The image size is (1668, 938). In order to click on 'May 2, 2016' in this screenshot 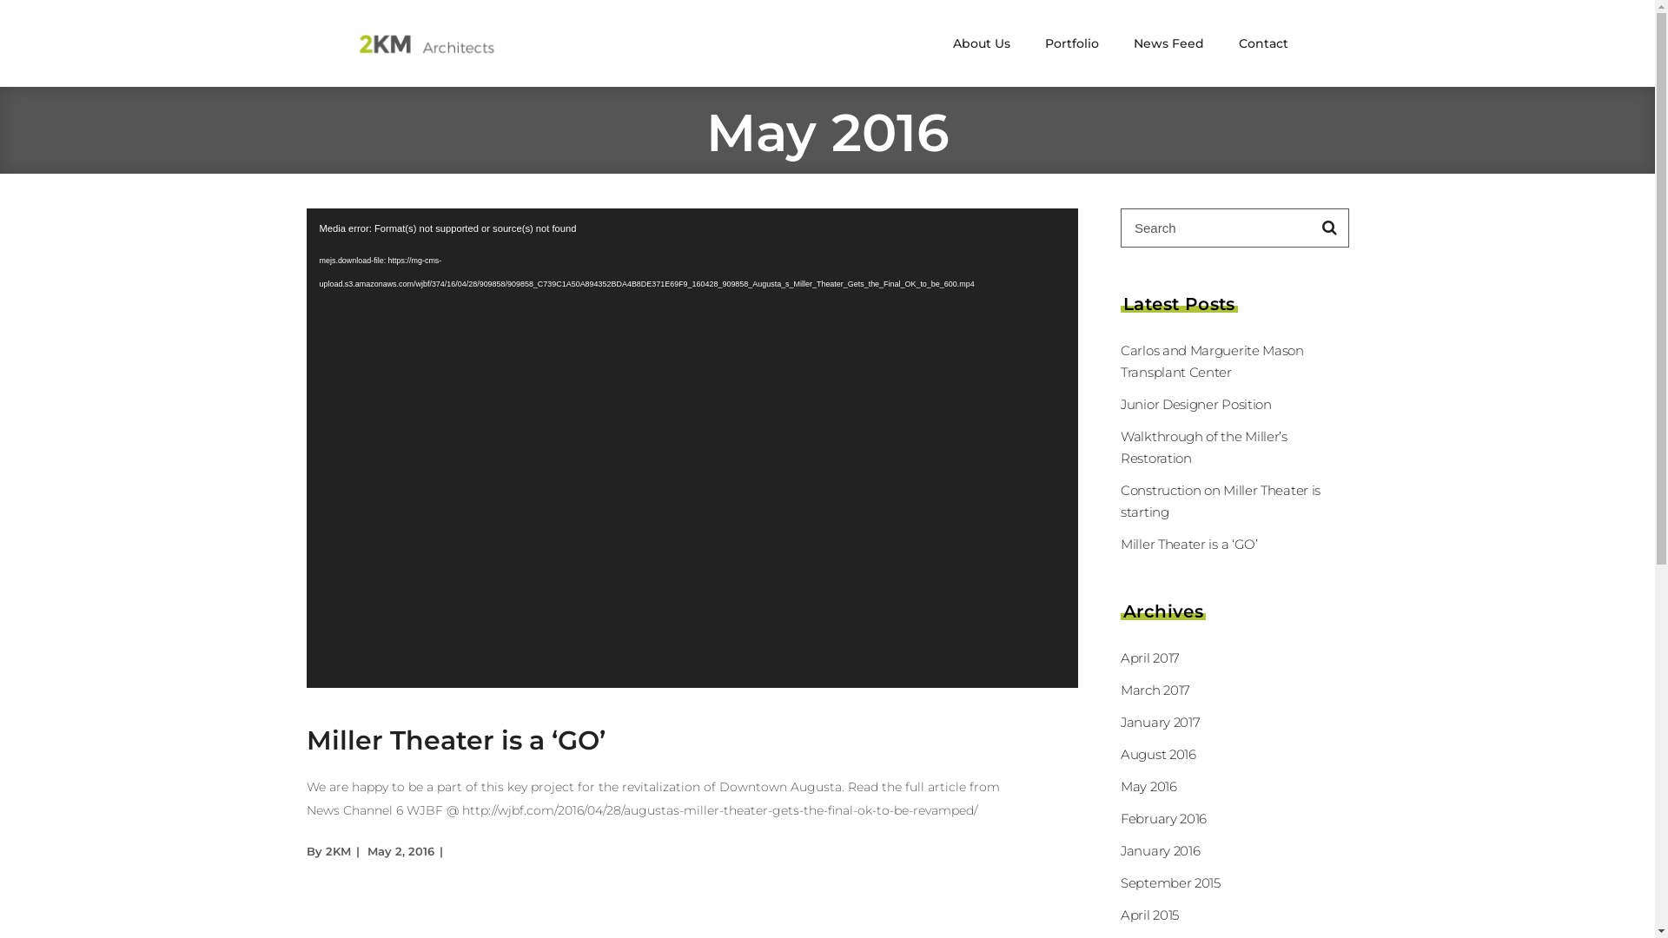, I will do `click(399, 849)`.